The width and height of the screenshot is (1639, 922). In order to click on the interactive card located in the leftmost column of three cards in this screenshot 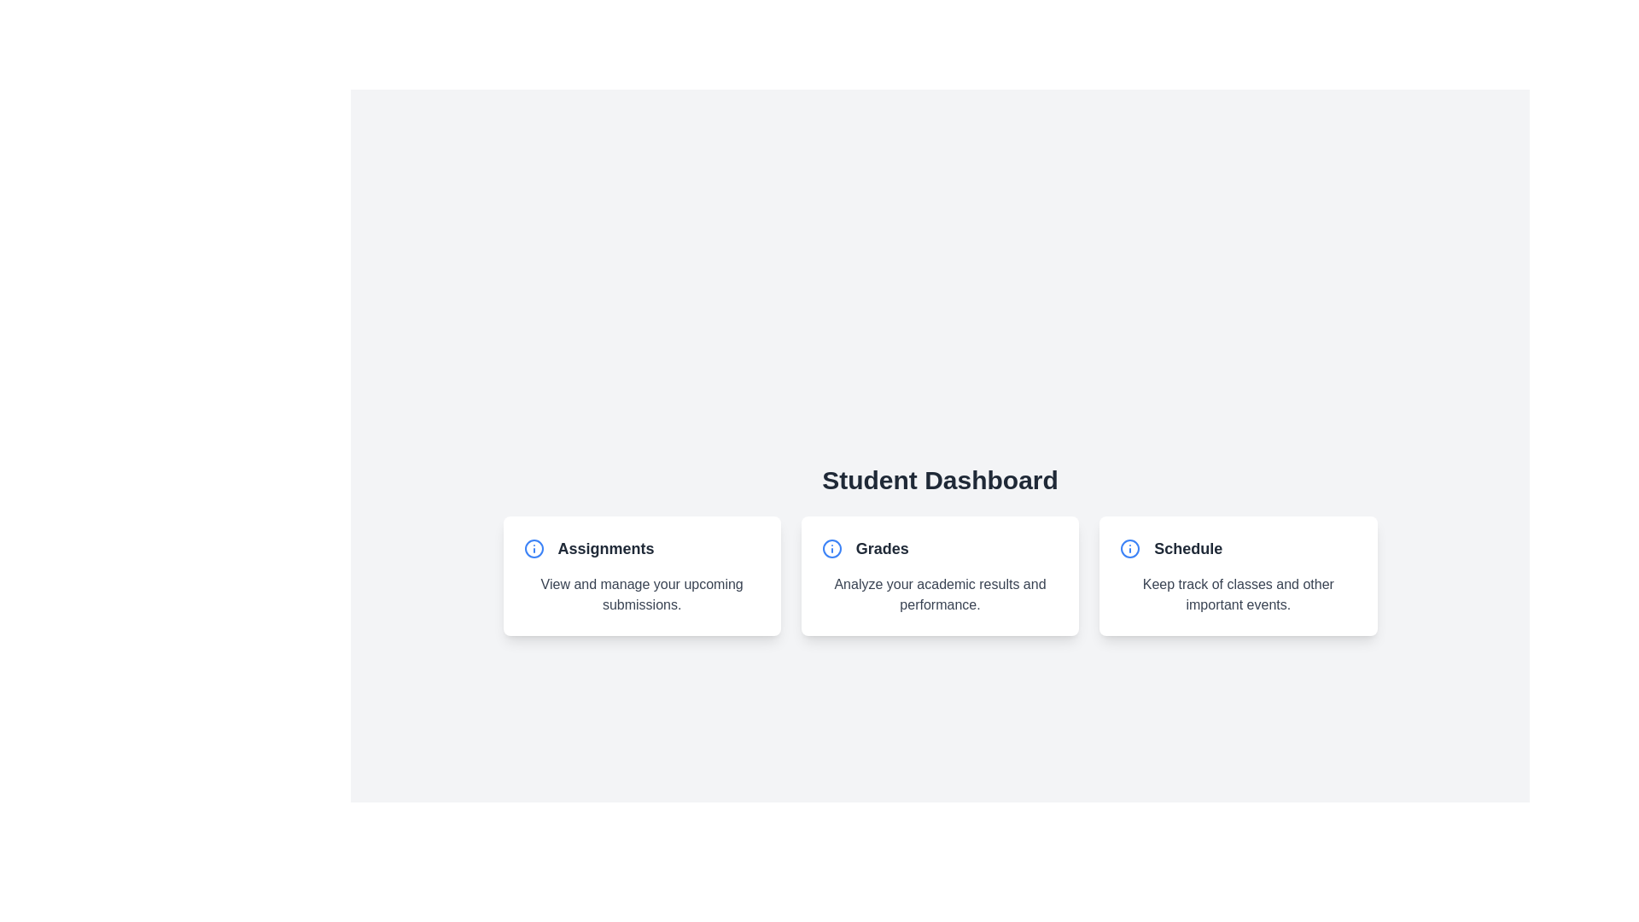, I will do `click(641, 576)`.